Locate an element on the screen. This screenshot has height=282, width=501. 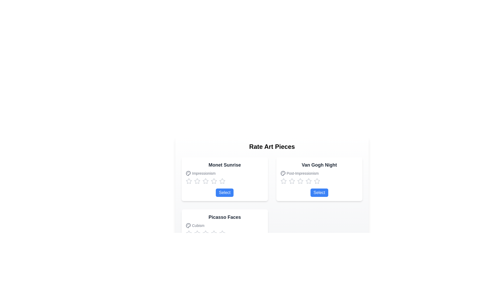
the static text label displaying 'Monet Sunrise' in bold and large font, which is centrally placed within the top-left card of the grid layout is located at coordinates (225, 165).